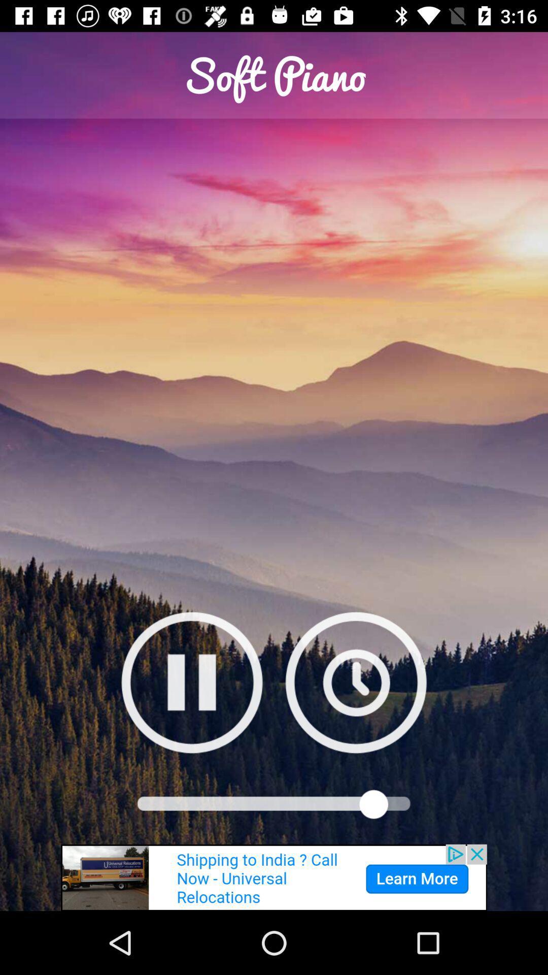 This screenshot has width=548, height=975. What do you see at coordinates (355, 682) in the screenshot?
I see `play` at bounding box center [355, 682].